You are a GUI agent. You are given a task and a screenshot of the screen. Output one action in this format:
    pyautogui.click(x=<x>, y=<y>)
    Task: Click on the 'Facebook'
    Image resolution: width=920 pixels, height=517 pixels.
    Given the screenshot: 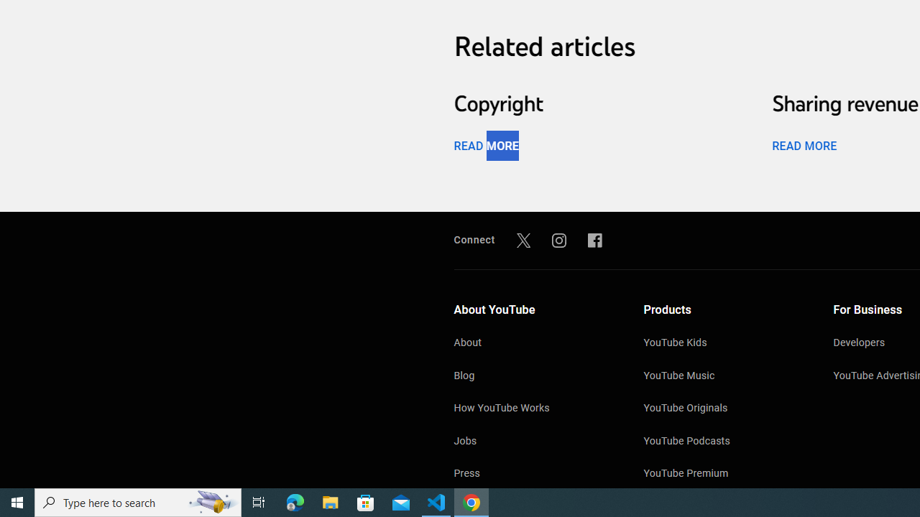 What is the action you would take?
    pyautogui.click(x=595, y=239)
    